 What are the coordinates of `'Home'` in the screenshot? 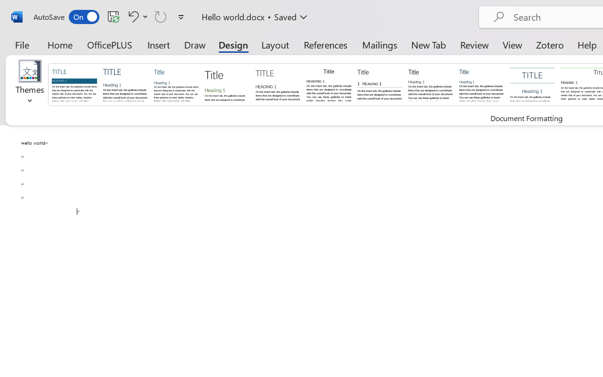 It's located at (60, 44).